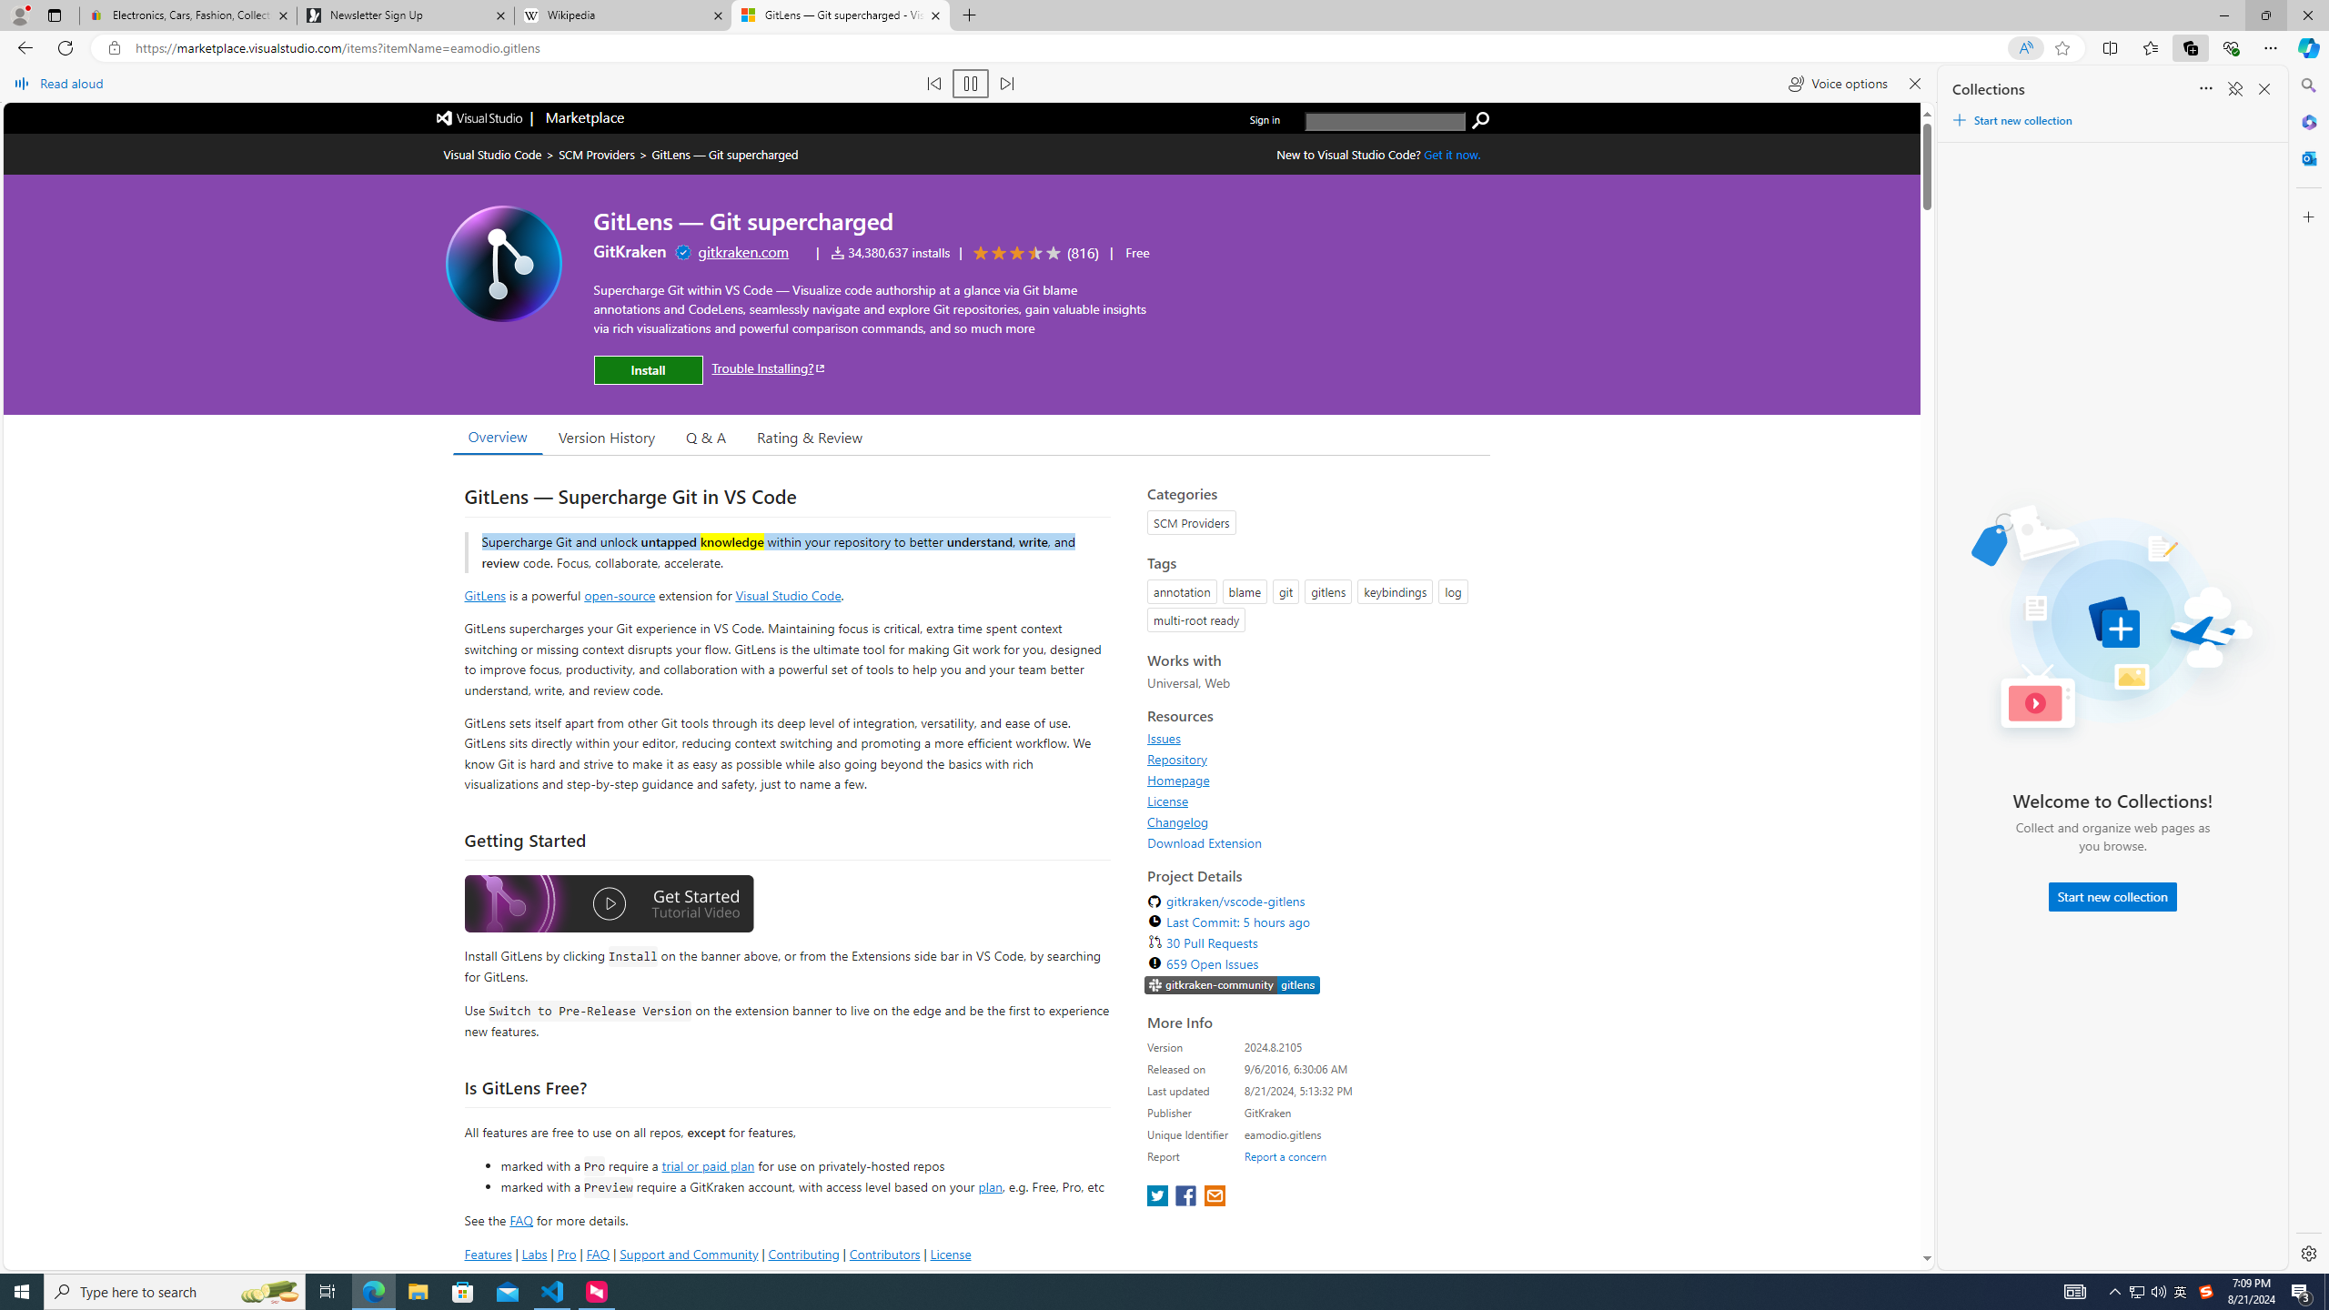 The width and height of the screenshot is (2329, 1310). Describe the element at coordinates (1167, 801) in the screenshot. I see `'License'` at that location.